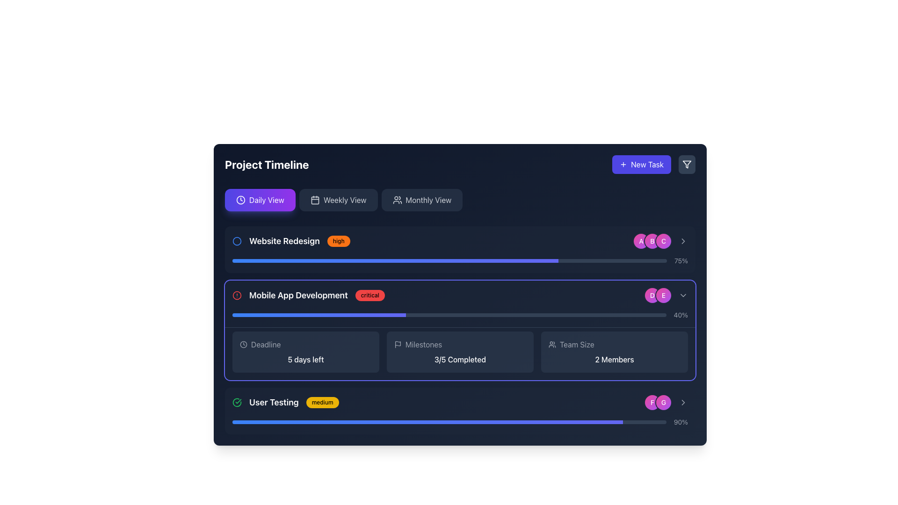 The width and height of the screenshot is (898, 505). Describe the element at coordinates (687, 164) in the screenshot. I see `the funnel or filter icon located in the top-right corner of the interface, adjacent to the 'New Task' button` at that location.